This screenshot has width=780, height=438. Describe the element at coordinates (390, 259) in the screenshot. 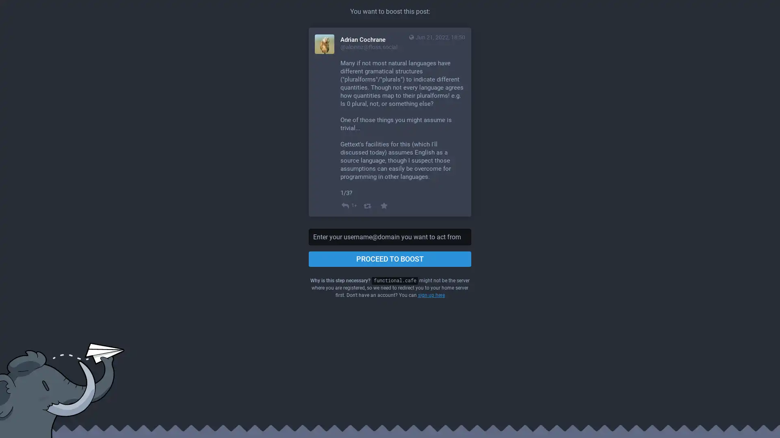

I see `PROCEED TO BOOST` at that location.